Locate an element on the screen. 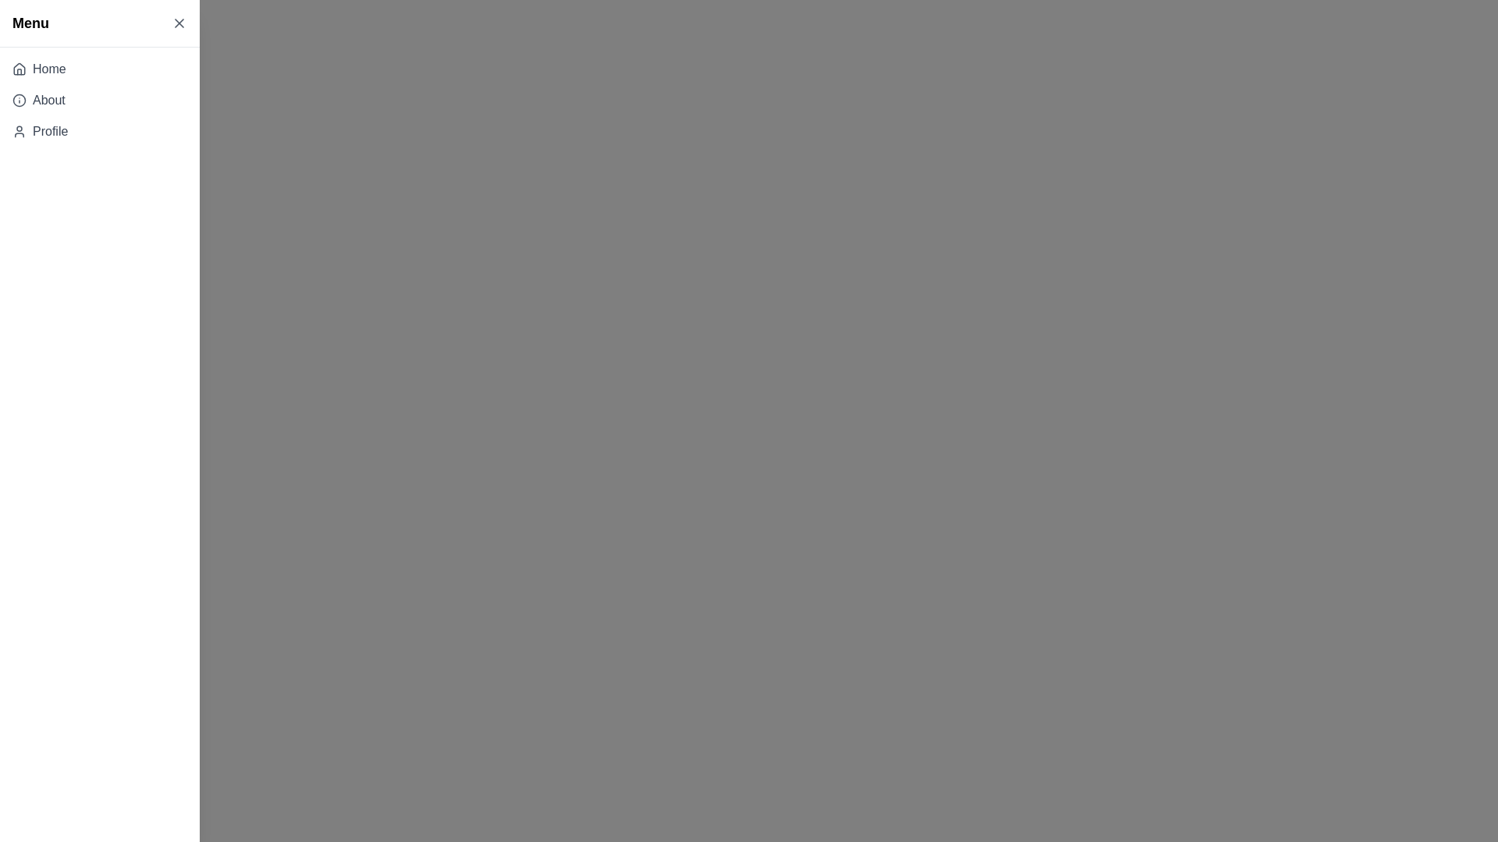 This screenshot has width=1498, height=842. the close button in the top-right corner of the menu interface is located at coordinates (179, 23).